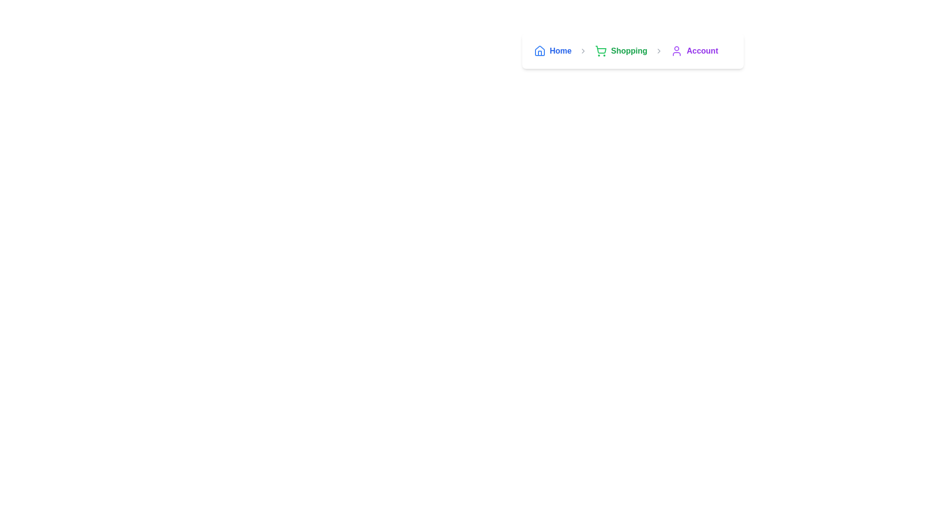 This screenshot has width=945, height=531. I want to click on the 'Account' breadcrumb navigation item, which is styled in bold purple text and accompanied by a user icon, so click(694, 51).